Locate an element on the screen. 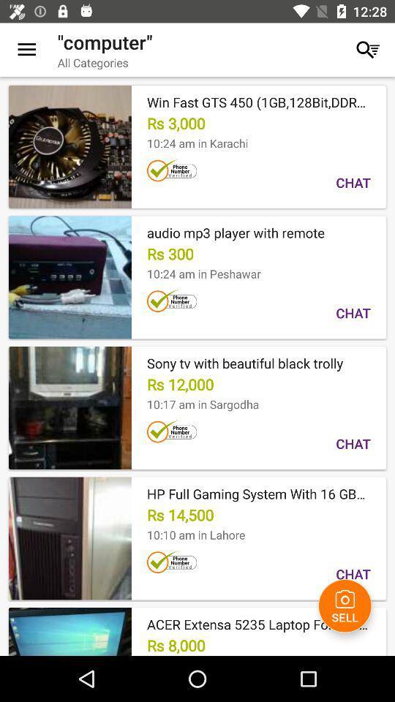 The image size is (395, 702). the app to the right of "computer" app is located at coordinates (367, 50).